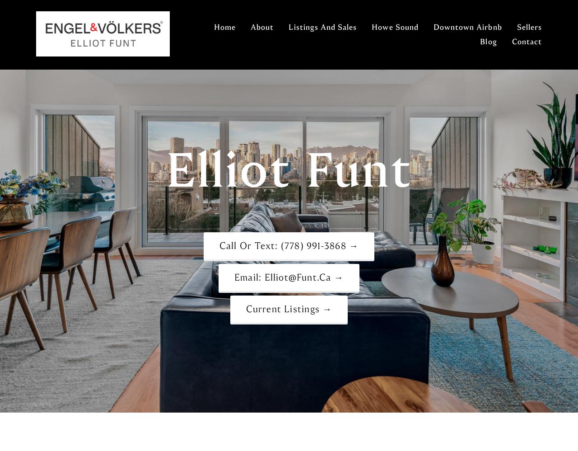 Image resolution: width=578 pixels, height=451 pixels. What do you see at coordinates (288, 277) in the screenshot?
I see `'Email: elliot@funt.ca →'` at bounding box center [288, 277].